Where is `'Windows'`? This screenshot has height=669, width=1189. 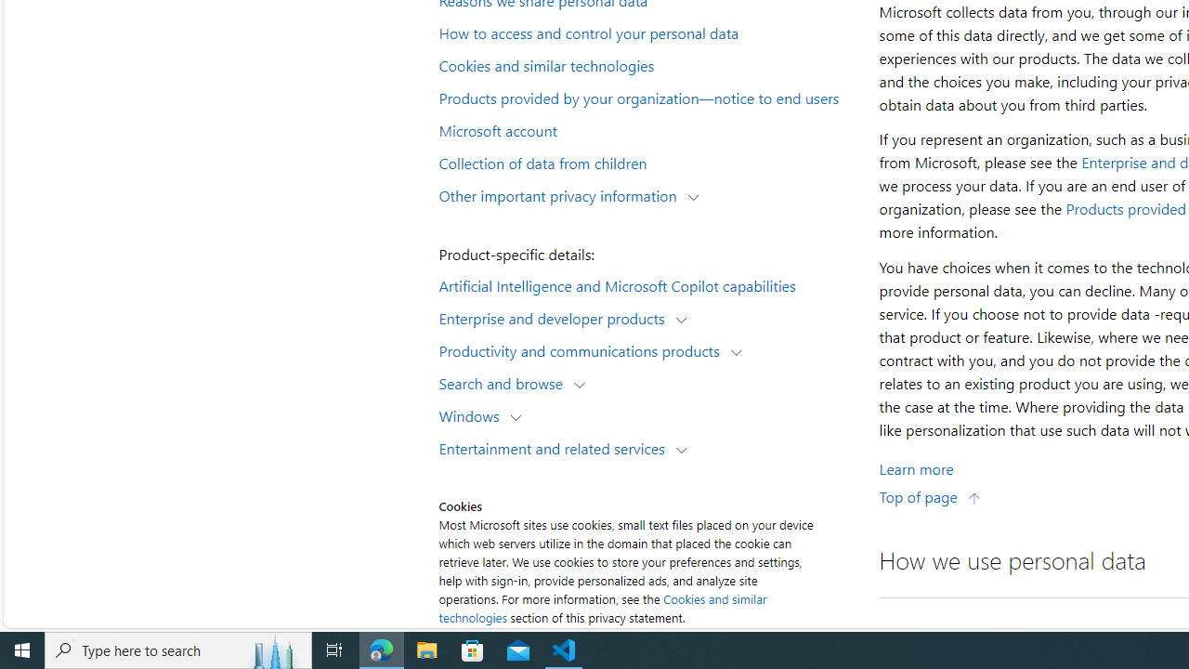
'Windows' is located at coordinates (474, 414).